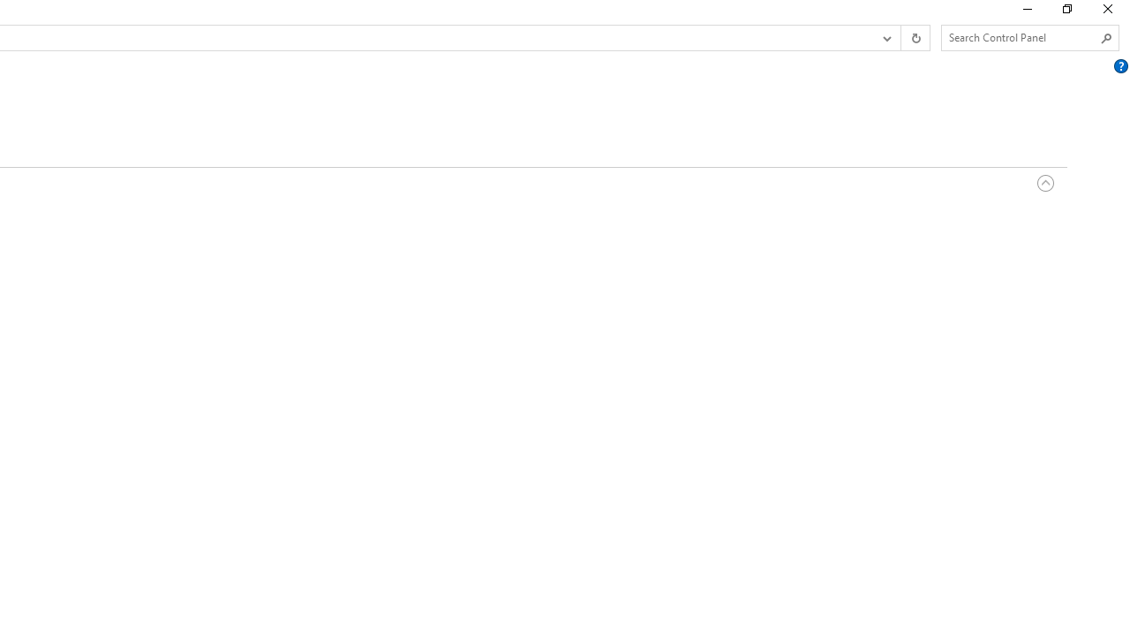 This screenshot has height=636, width=1130. What do you see at coordinates (915, 38) in the screenshot?
I see `'Refresh "BitLocker Drive Encryption" (F5)'` at bounding box center [915, 38].